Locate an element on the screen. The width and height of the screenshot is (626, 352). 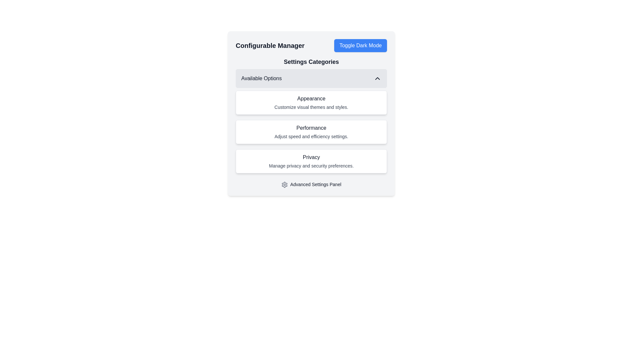
the text label with the content 'Performance' located under the title 'Settings Categories' in the second position under 'Appearance' is located at coordinates (311, 128).